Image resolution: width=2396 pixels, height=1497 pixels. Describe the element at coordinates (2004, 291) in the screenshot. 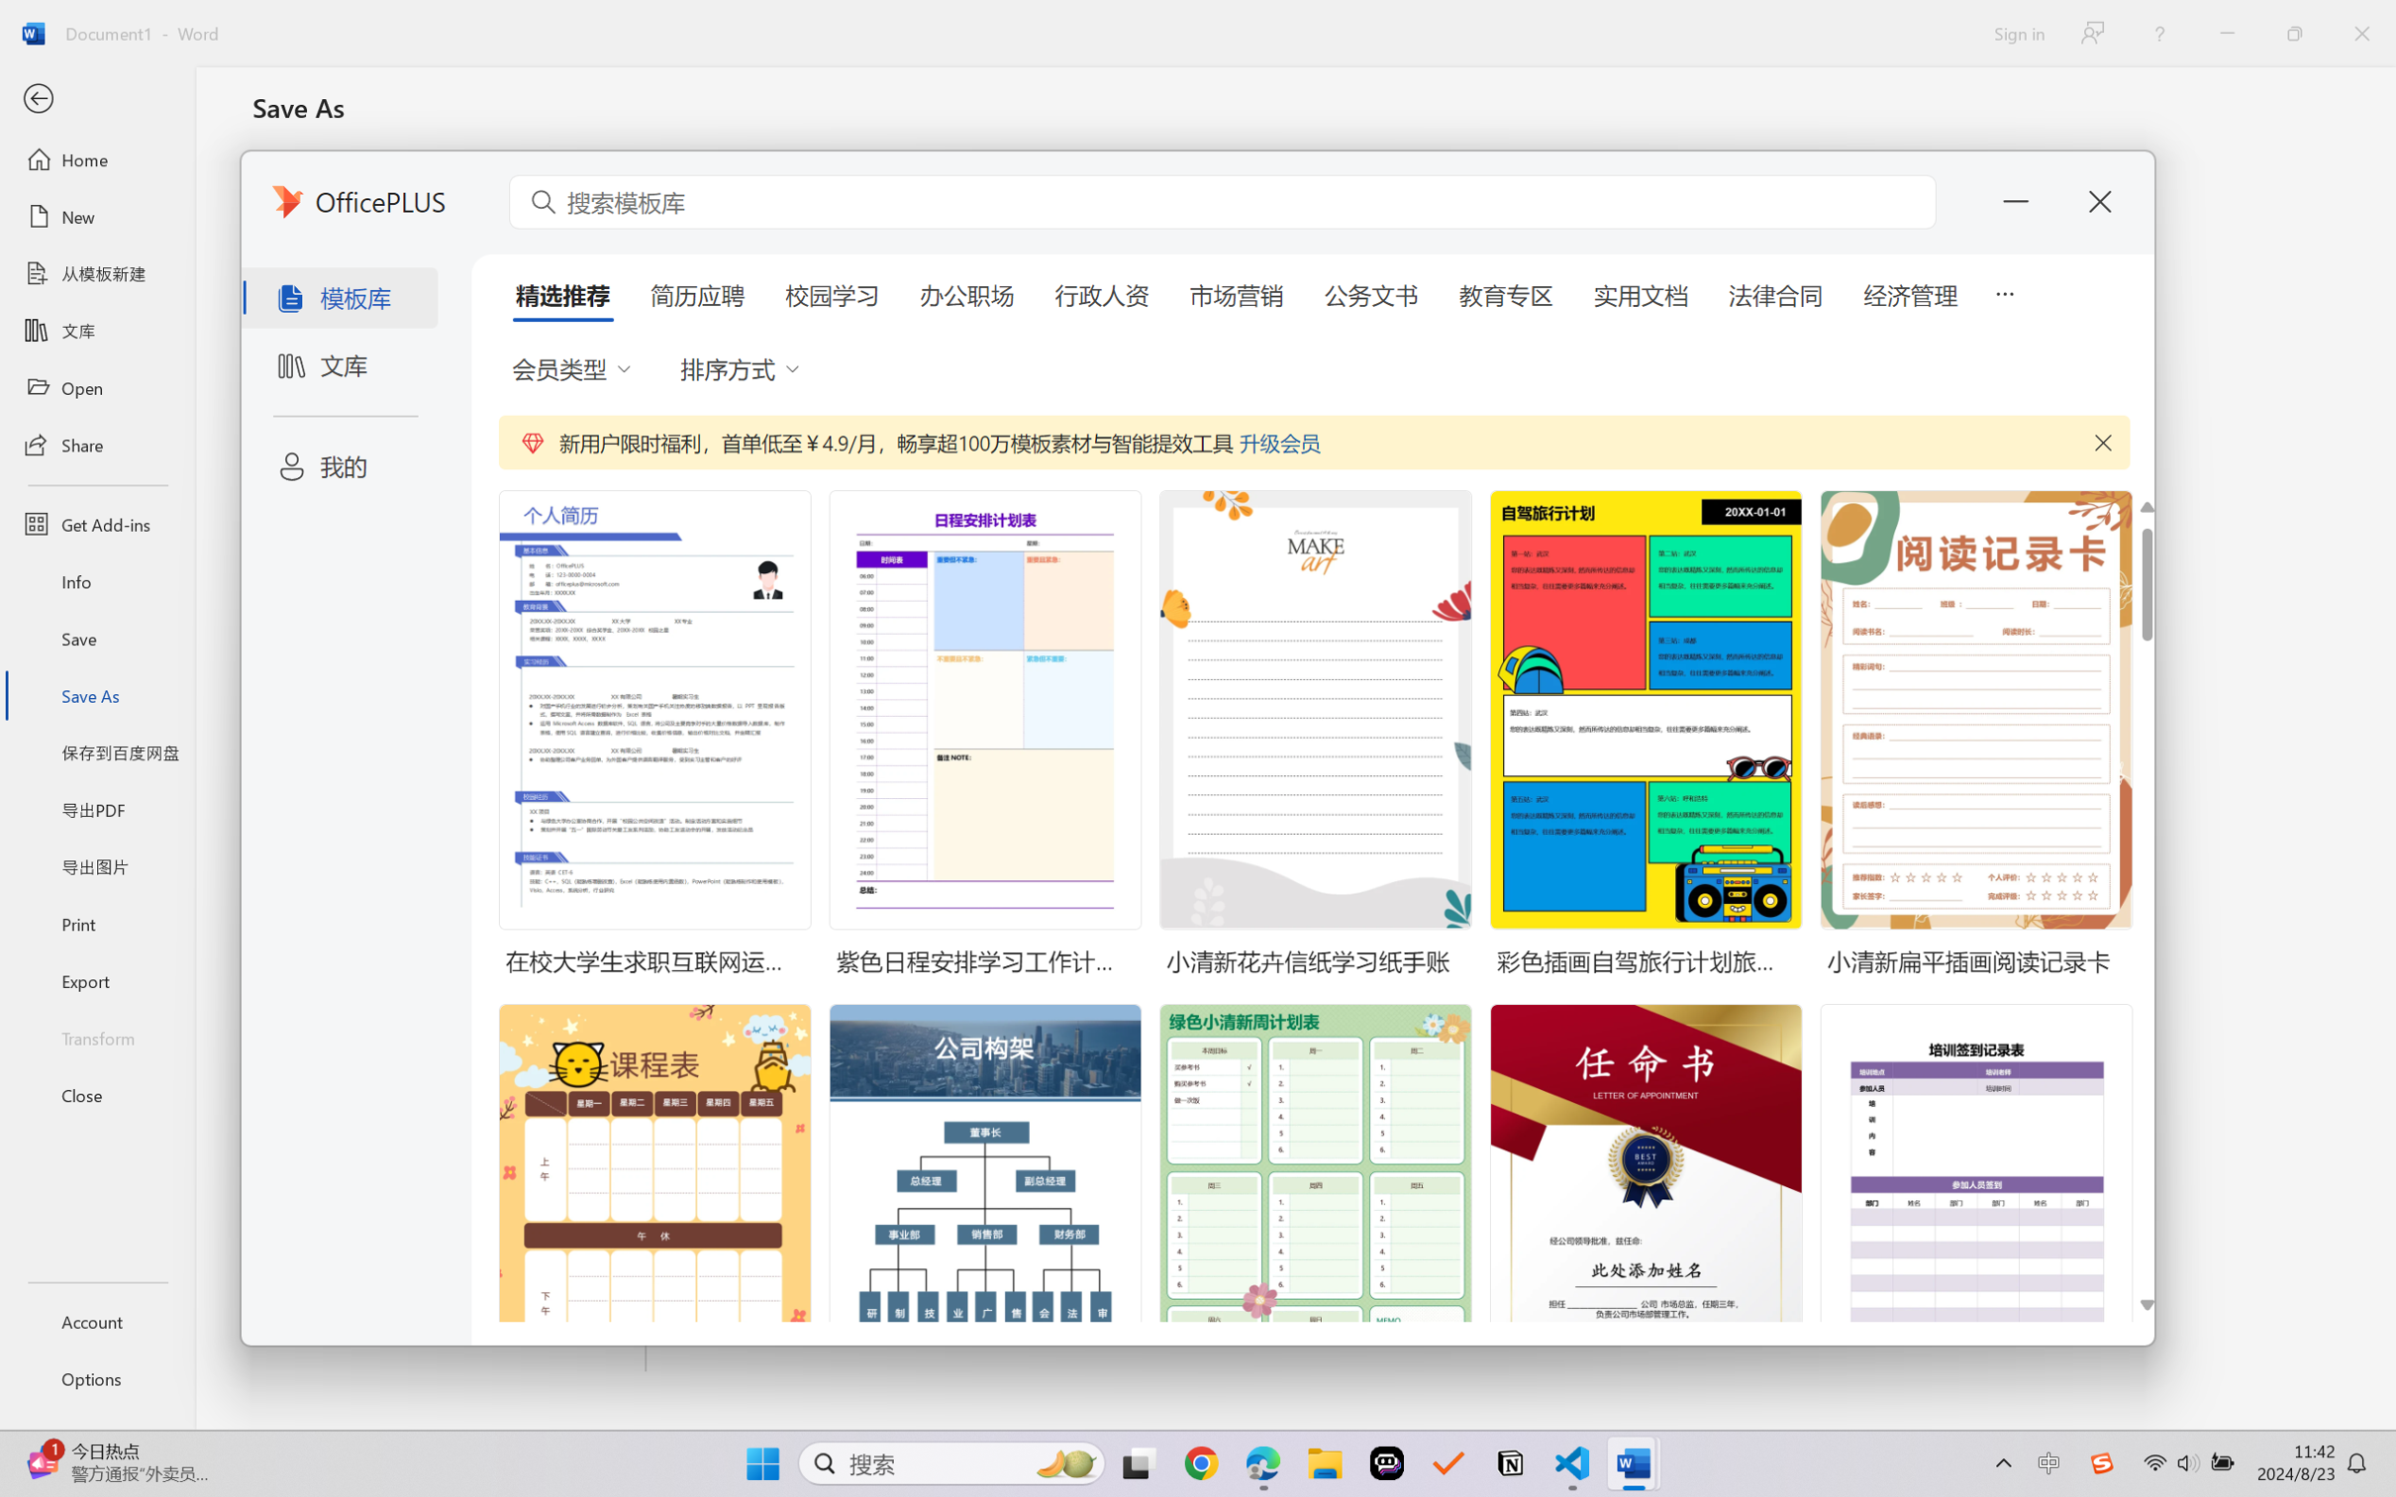

I see `'5 more tabs'` at that location.